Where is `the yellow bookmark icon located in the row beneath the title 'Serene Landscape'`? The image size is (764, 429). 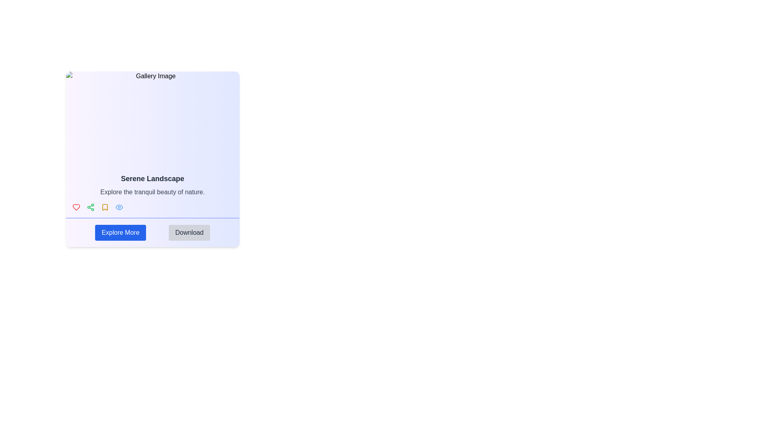
the yellow bookmark icon located in the row beneath the title 'Serene Landscape' is located at coordinates (104, 207).